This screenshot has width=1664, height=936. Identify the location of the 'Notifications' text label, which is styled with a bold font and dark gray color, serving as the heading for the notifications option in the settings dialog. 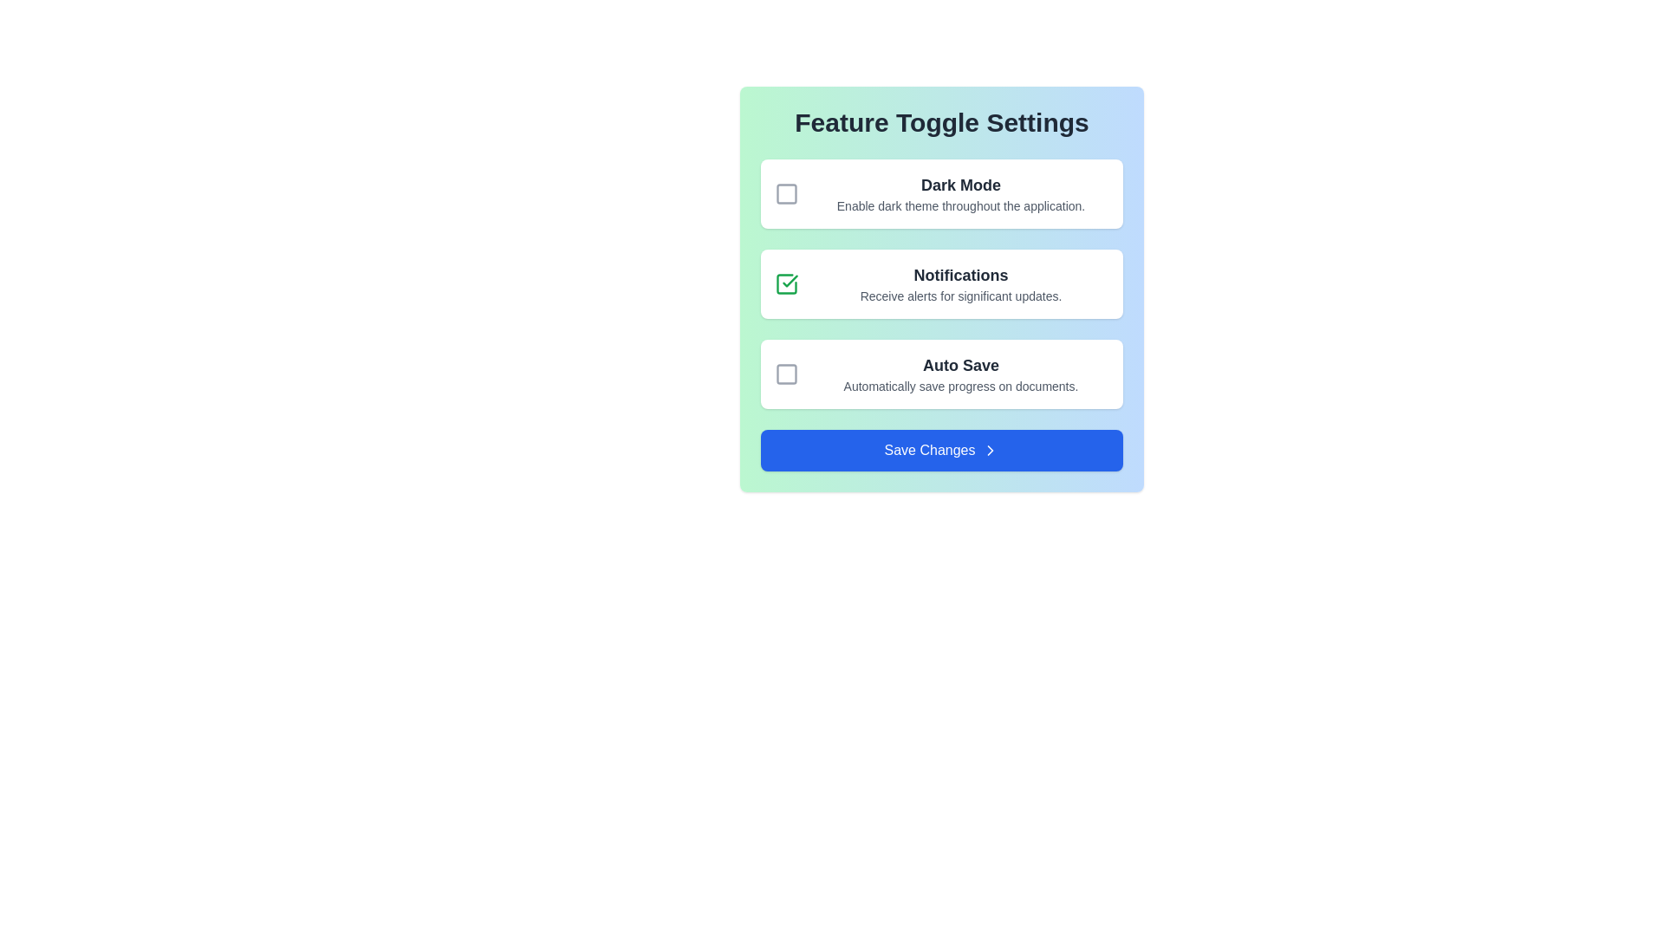
(959, 274).